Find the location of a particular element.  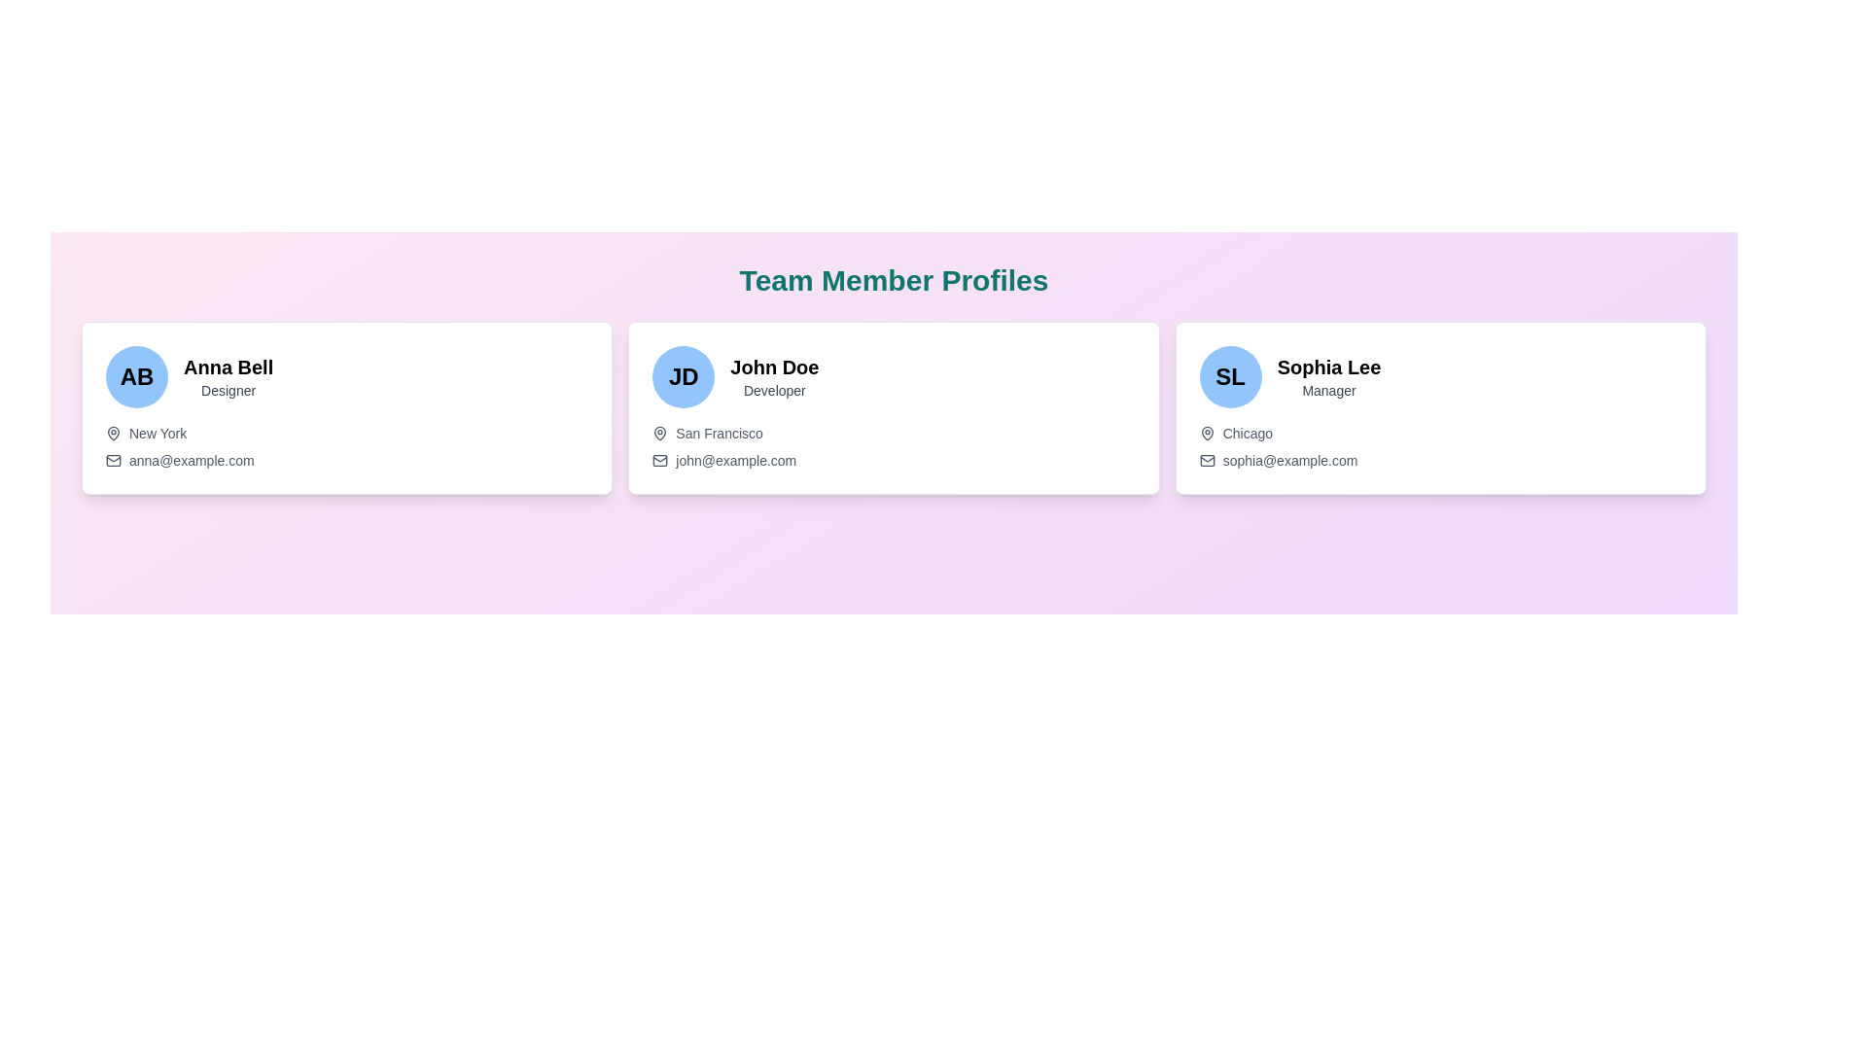

text content of the text label displaying 'Sophia Lee' which is styled in a larger font size and bold weight, located in the upper-left section of the card interface is located at coordinates (1328, 367).